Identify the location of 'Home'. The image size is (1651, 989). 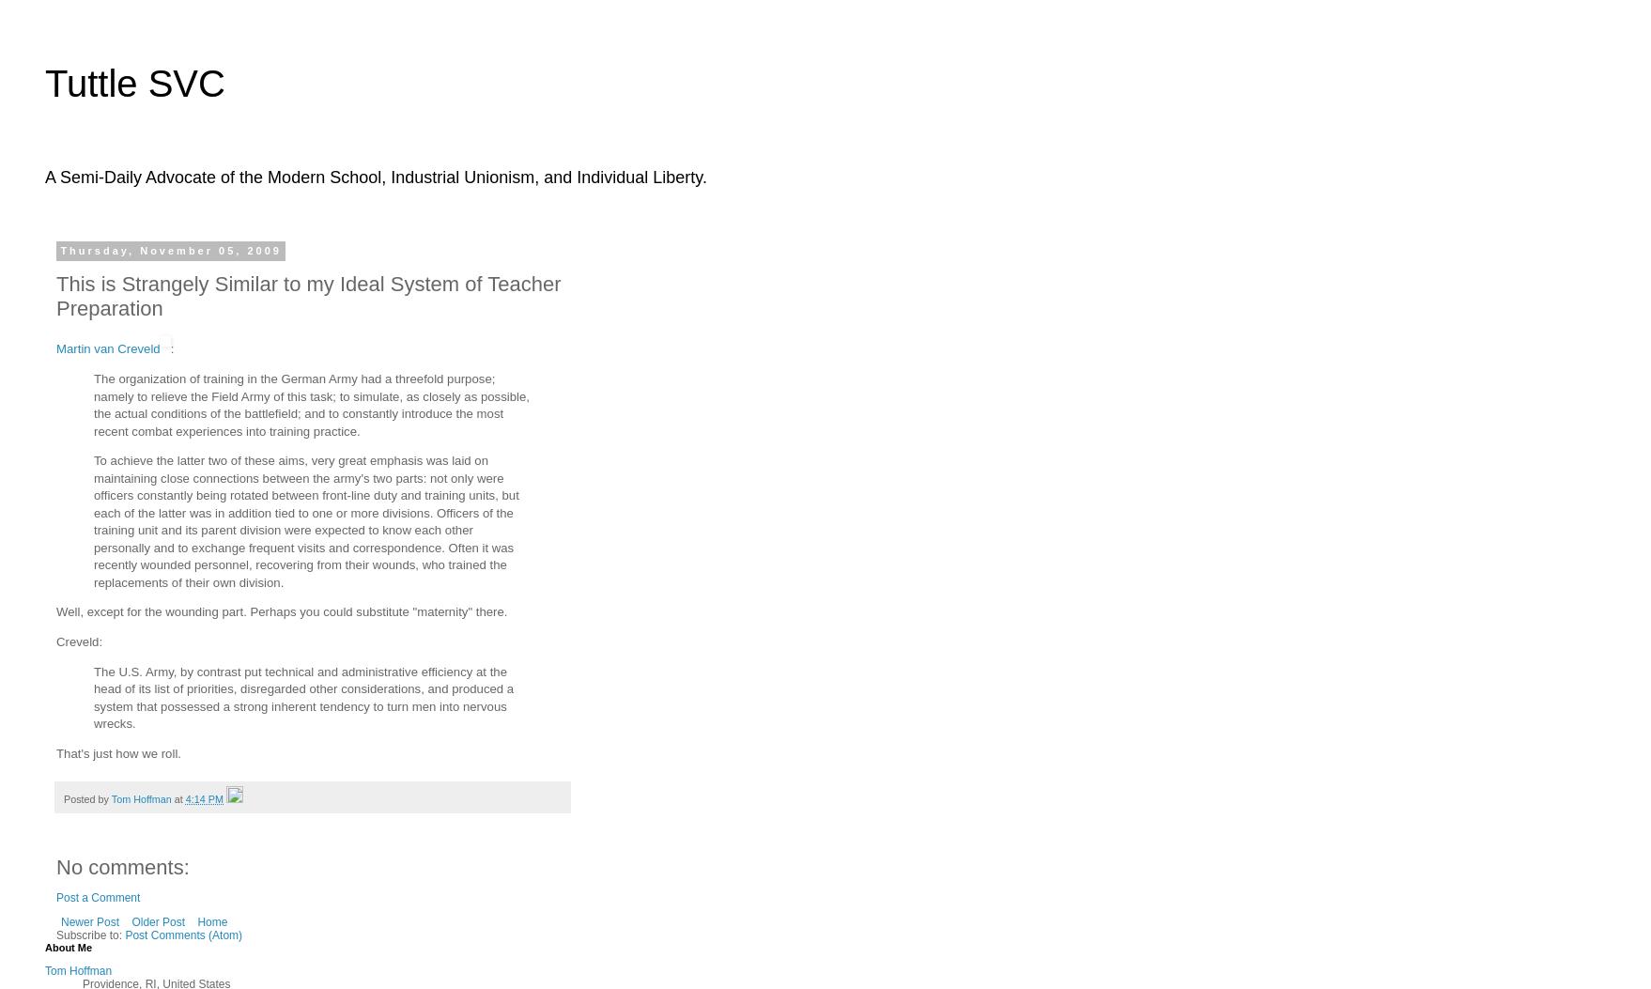
(211, 922).